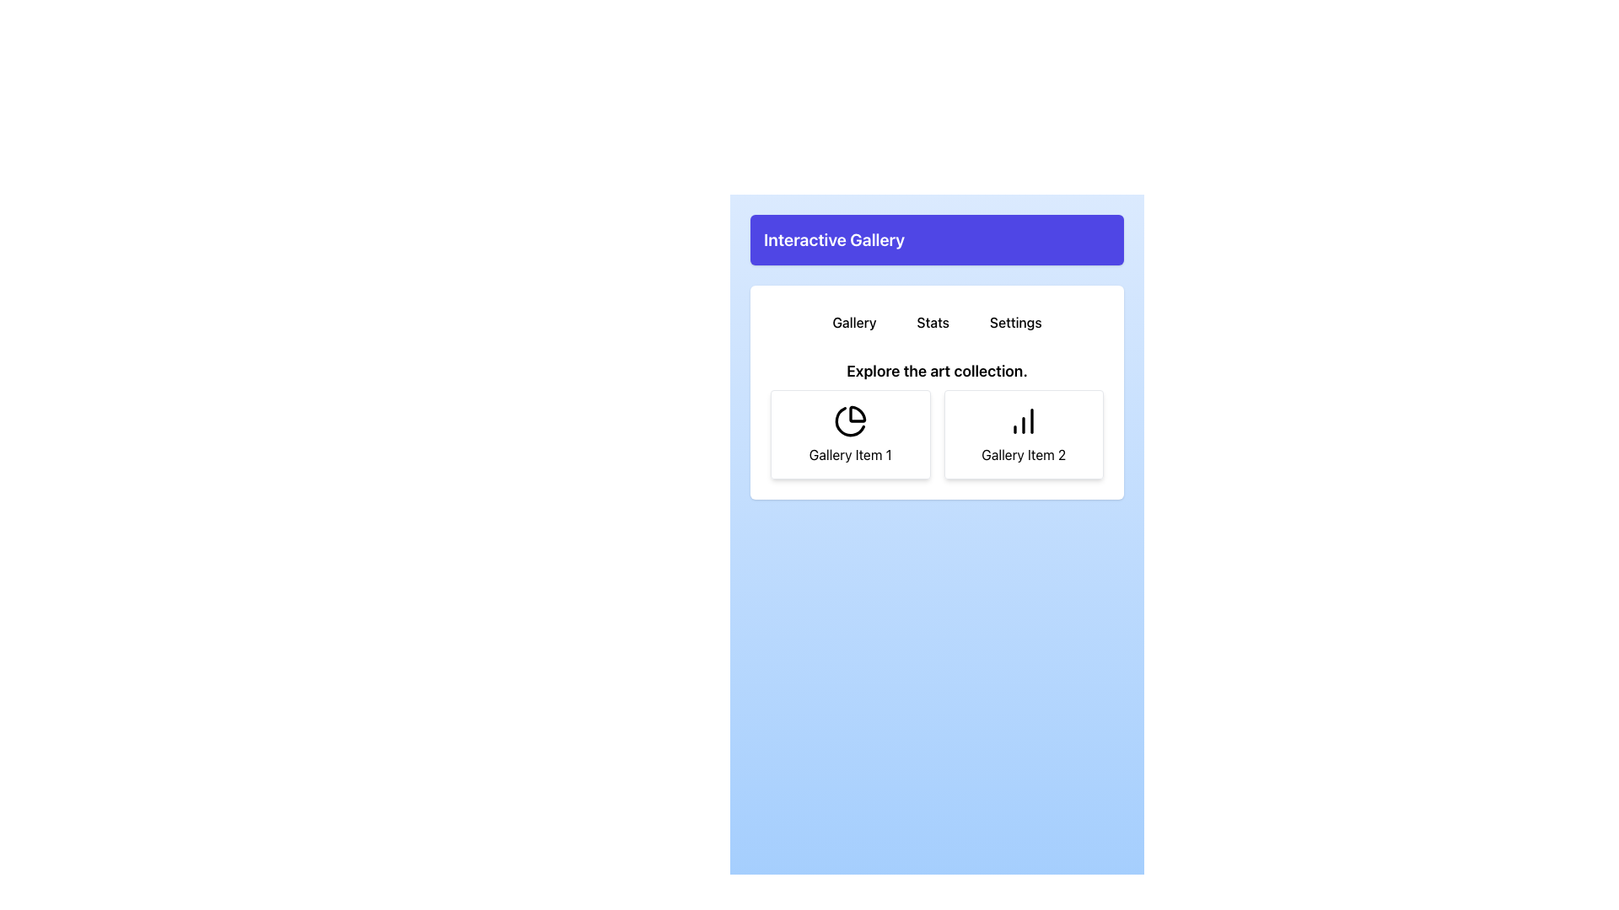 This screenshot has height=910, width=1619. I want to click on the 'Stats' button, which is the second button in a horizontal set of three, located between the 'Gallery' and 'Settings' buttons in the middle section of the interface, so click(932, 322).